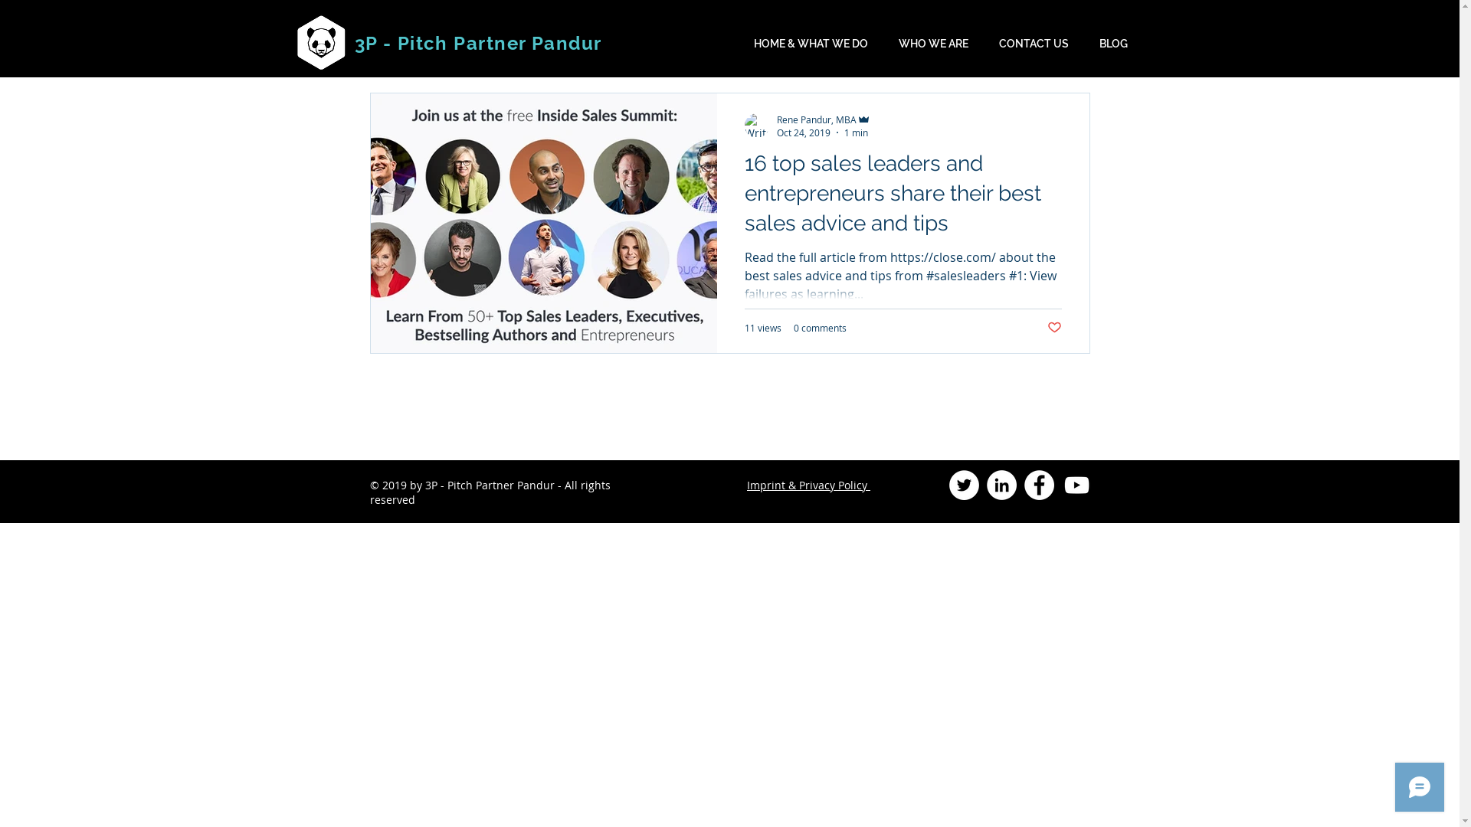 Image resolution: width=1471 pixels, height=827 pixels. Describe the element at coordinates (794, 327) in the screenshot. I see `'0 comments'` at that location.